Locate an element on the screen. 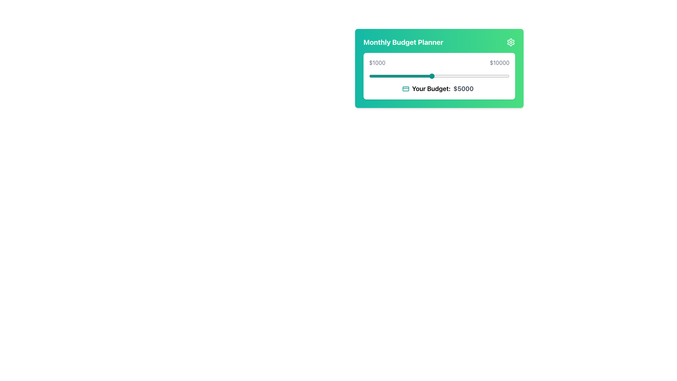 The image size is (677, 381). the budget icon located to the left of the text 'Your Budget: $5000' in the middle section of the card component is located at coordinates (405, 88).